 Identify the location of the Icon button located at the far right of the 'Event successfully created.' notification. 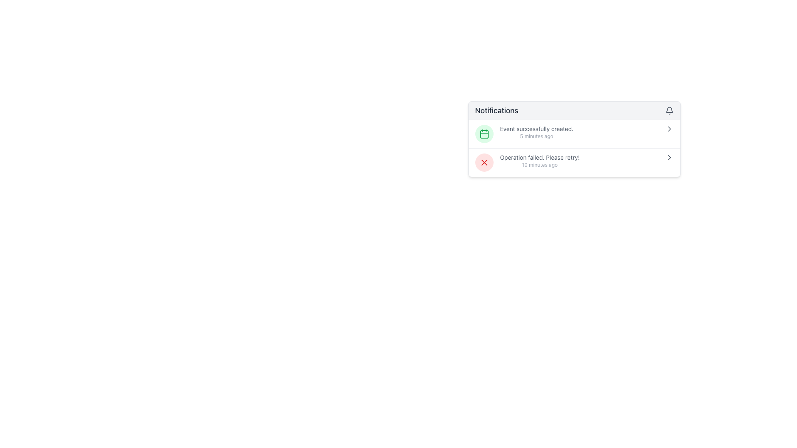
(669, 129).